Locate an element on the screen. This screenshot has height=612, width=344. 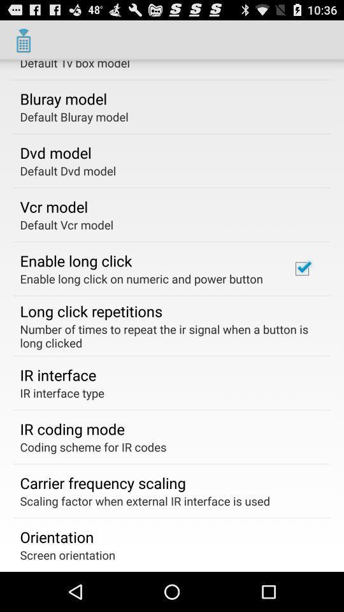
the icon below the carrier frequency scaling app is located at coordinates (144, 500).